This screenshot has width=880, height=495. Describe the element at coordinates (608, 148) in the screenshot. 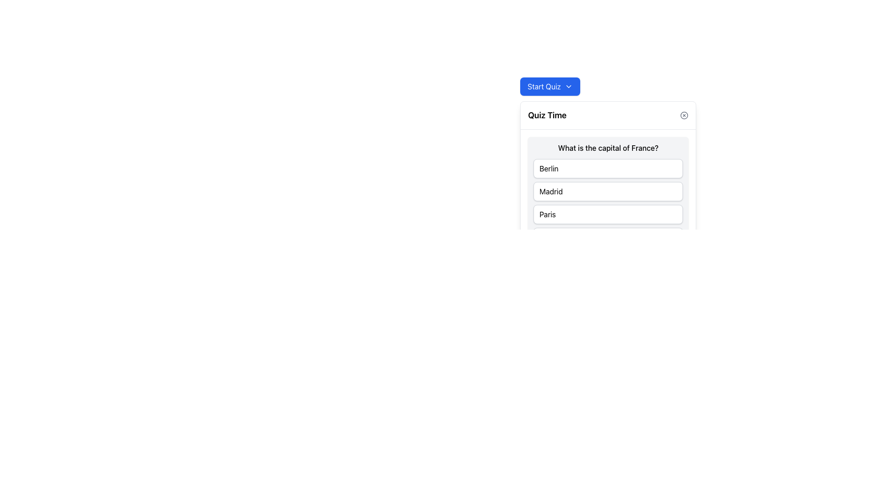

I see `the question prompt label located at the top section of the quiz interface, which is horizontally centered above the answer options` at that location.